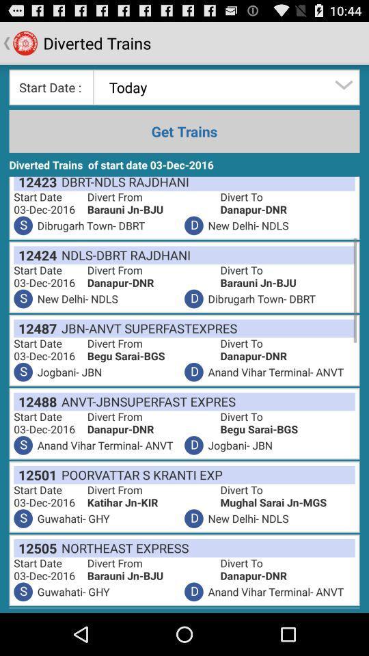 The image size is (369, 656). What do you see at coordinates (35, 328) in the screenshot?
I see `the icon to the left of the jbn-anvt superfastexpres` at bounding box center [35, 328].